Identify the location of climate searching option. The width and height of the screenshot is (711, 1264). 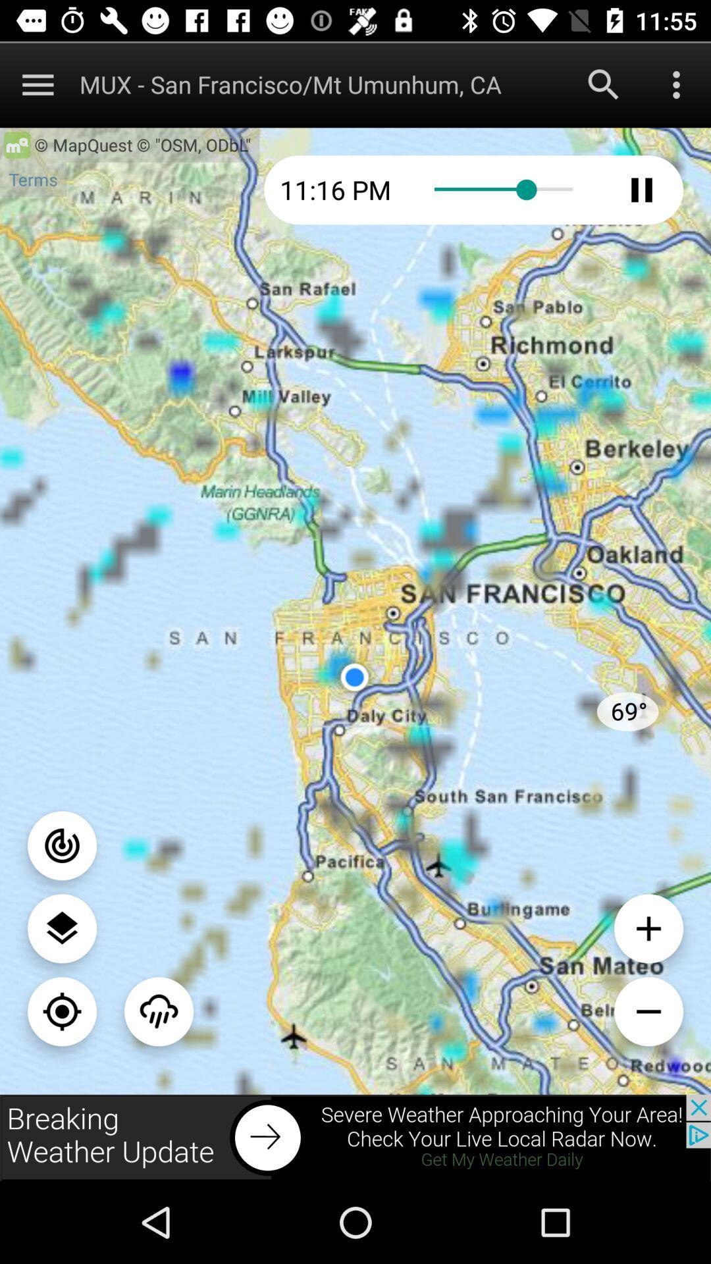
(158, 1011).